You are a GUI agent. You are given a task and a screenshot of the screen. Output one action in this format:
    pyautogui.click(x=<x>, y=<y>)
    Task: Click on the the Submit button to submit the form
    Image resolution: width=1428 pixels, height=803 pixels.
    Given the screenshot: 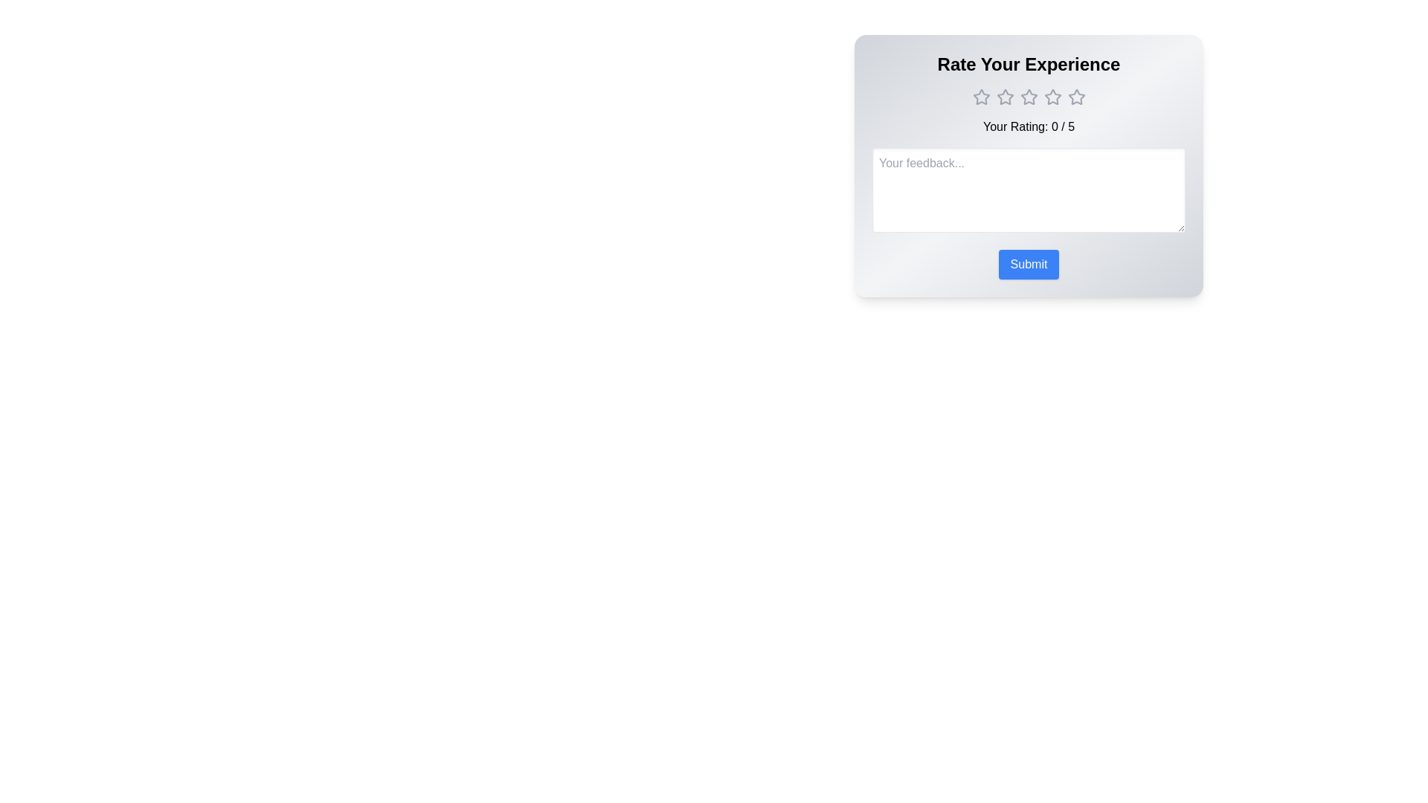 What is the action you would take?
    pyautogui.click(x=1027, y=263)
    